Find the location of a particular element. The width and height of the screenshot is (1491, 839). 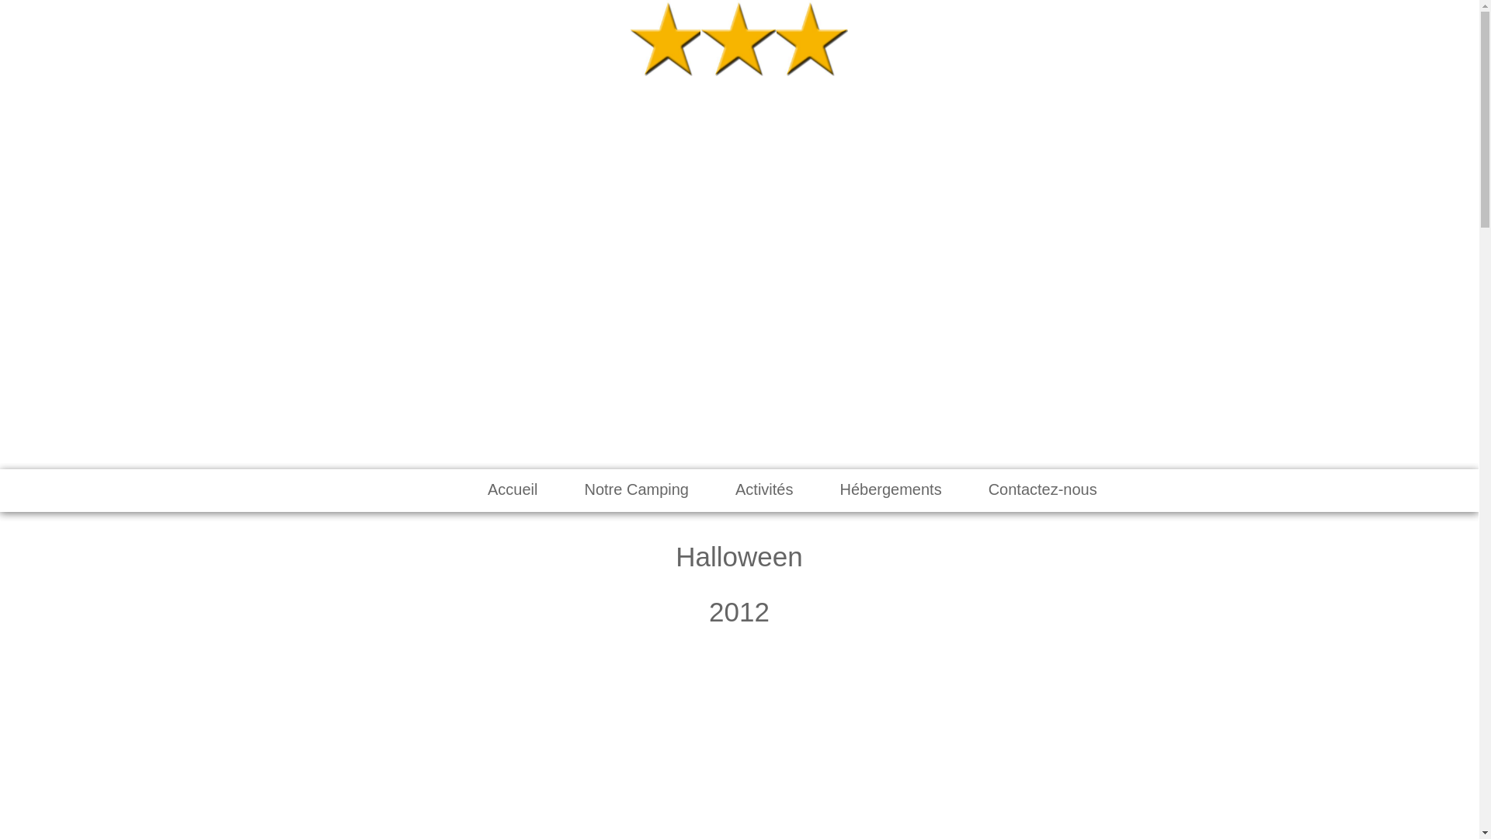

'Contactez-nous' is located at coordinates (979, 489).